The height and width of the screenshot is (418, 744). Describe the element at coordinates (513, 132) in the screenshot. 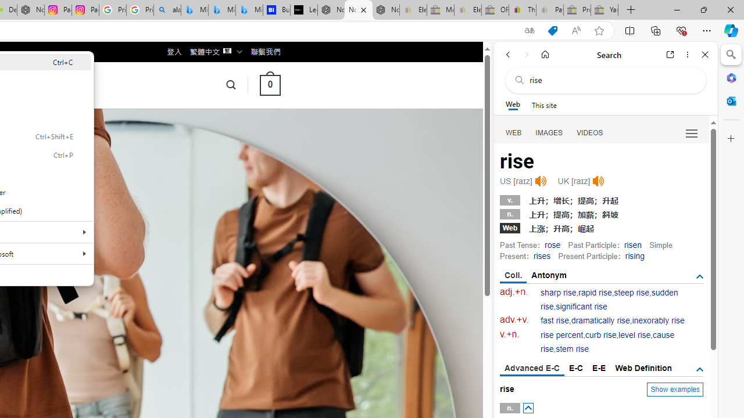

I see `'Search Filter, WEB'` at that location.